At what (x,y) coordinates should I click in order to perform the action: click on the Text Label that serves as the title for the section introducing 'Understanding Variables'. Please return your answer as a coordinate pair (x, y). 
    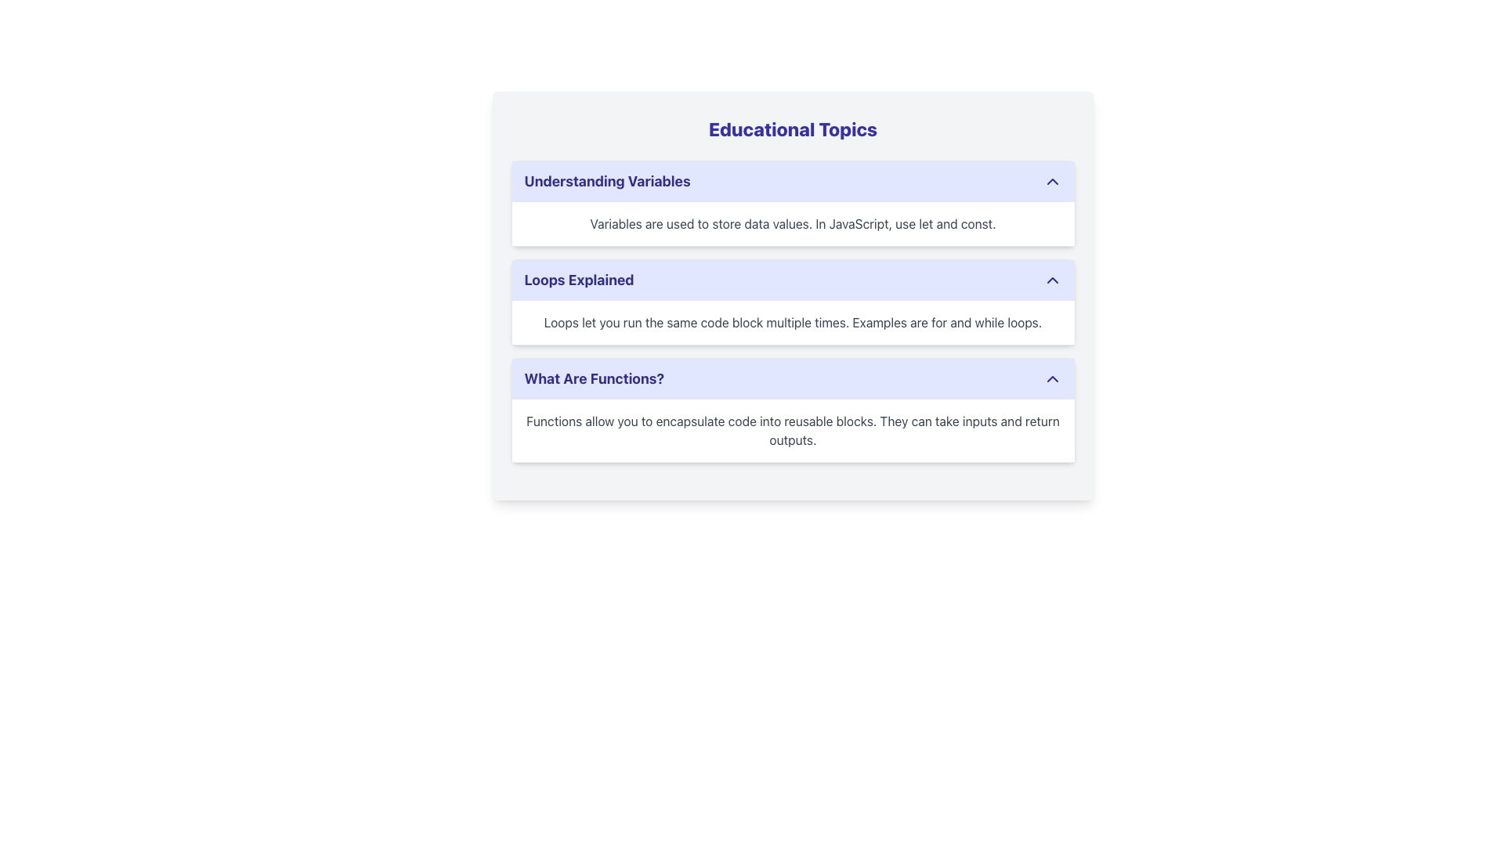
    Looking at the image, I should click on (606, 180).